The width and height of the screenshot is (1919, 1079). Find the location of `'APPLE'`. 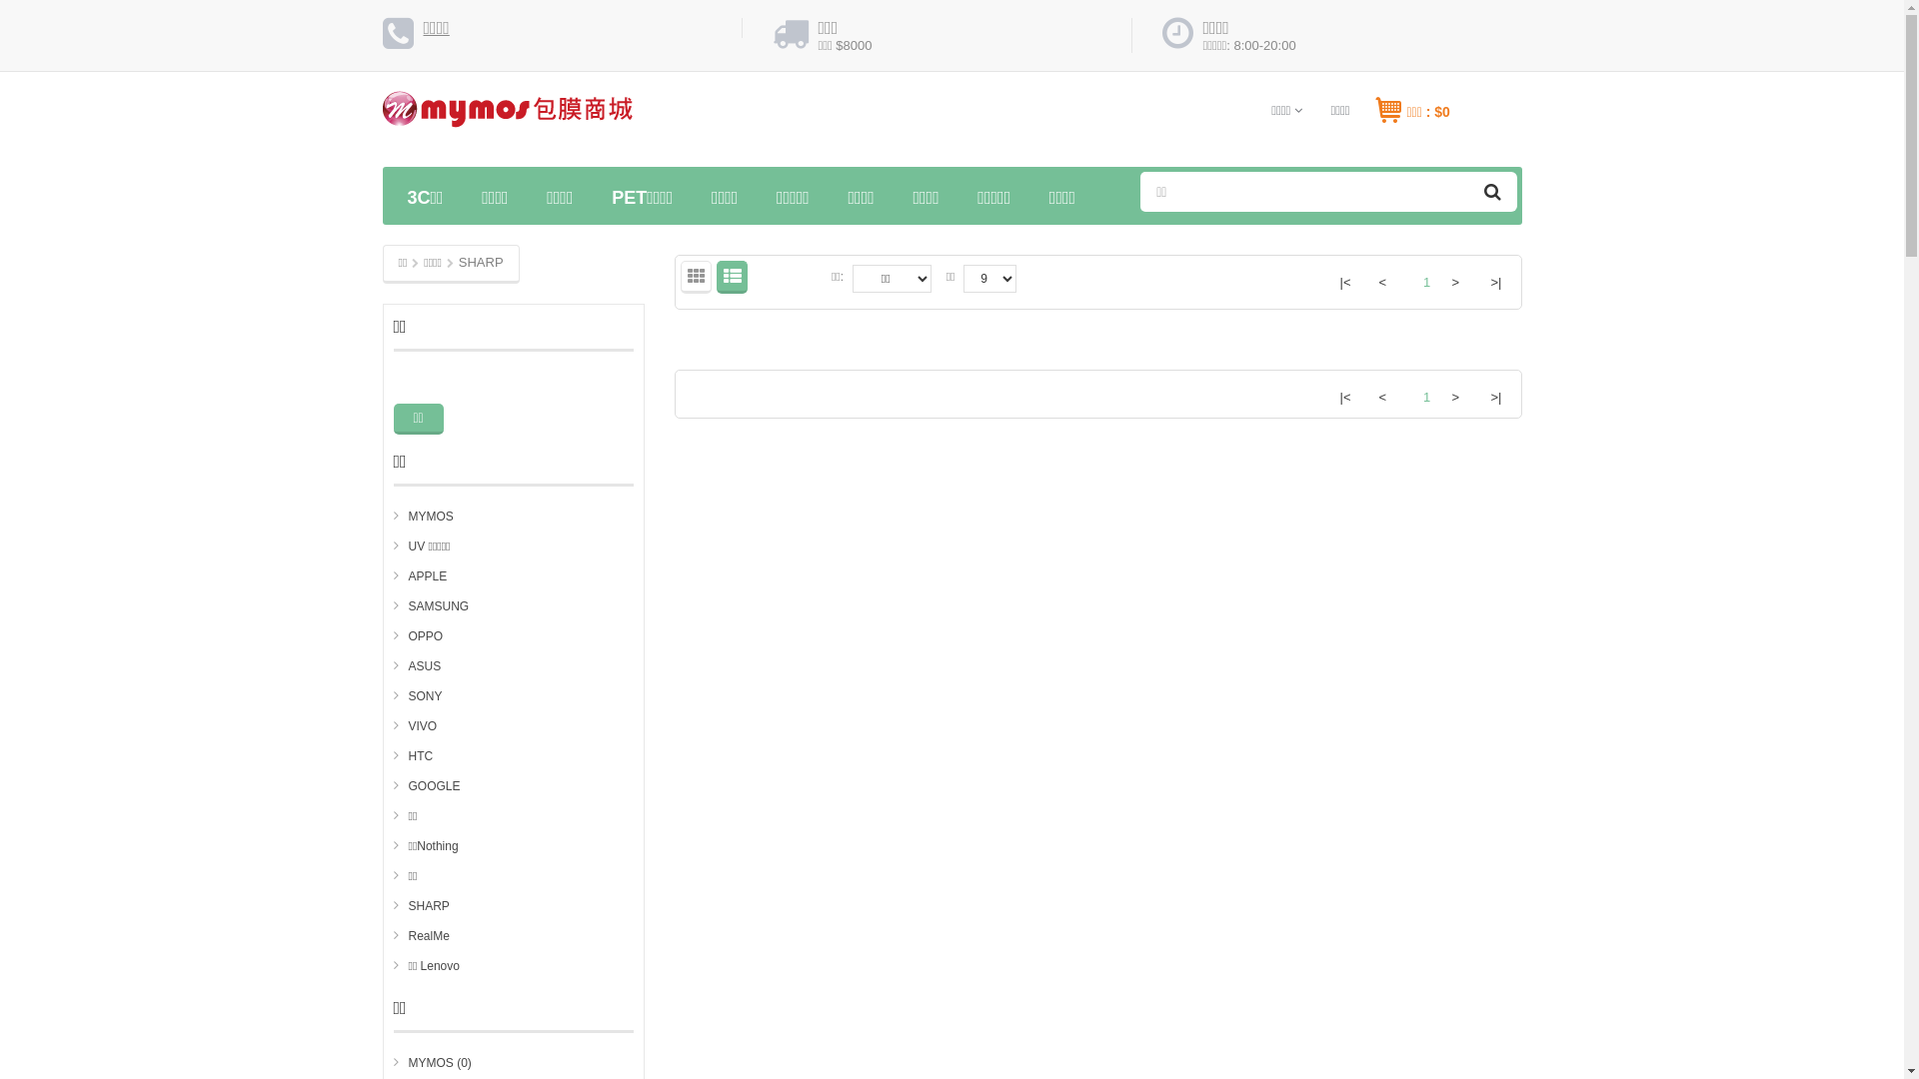

'APPLE' is located at coordinates (393, 576).